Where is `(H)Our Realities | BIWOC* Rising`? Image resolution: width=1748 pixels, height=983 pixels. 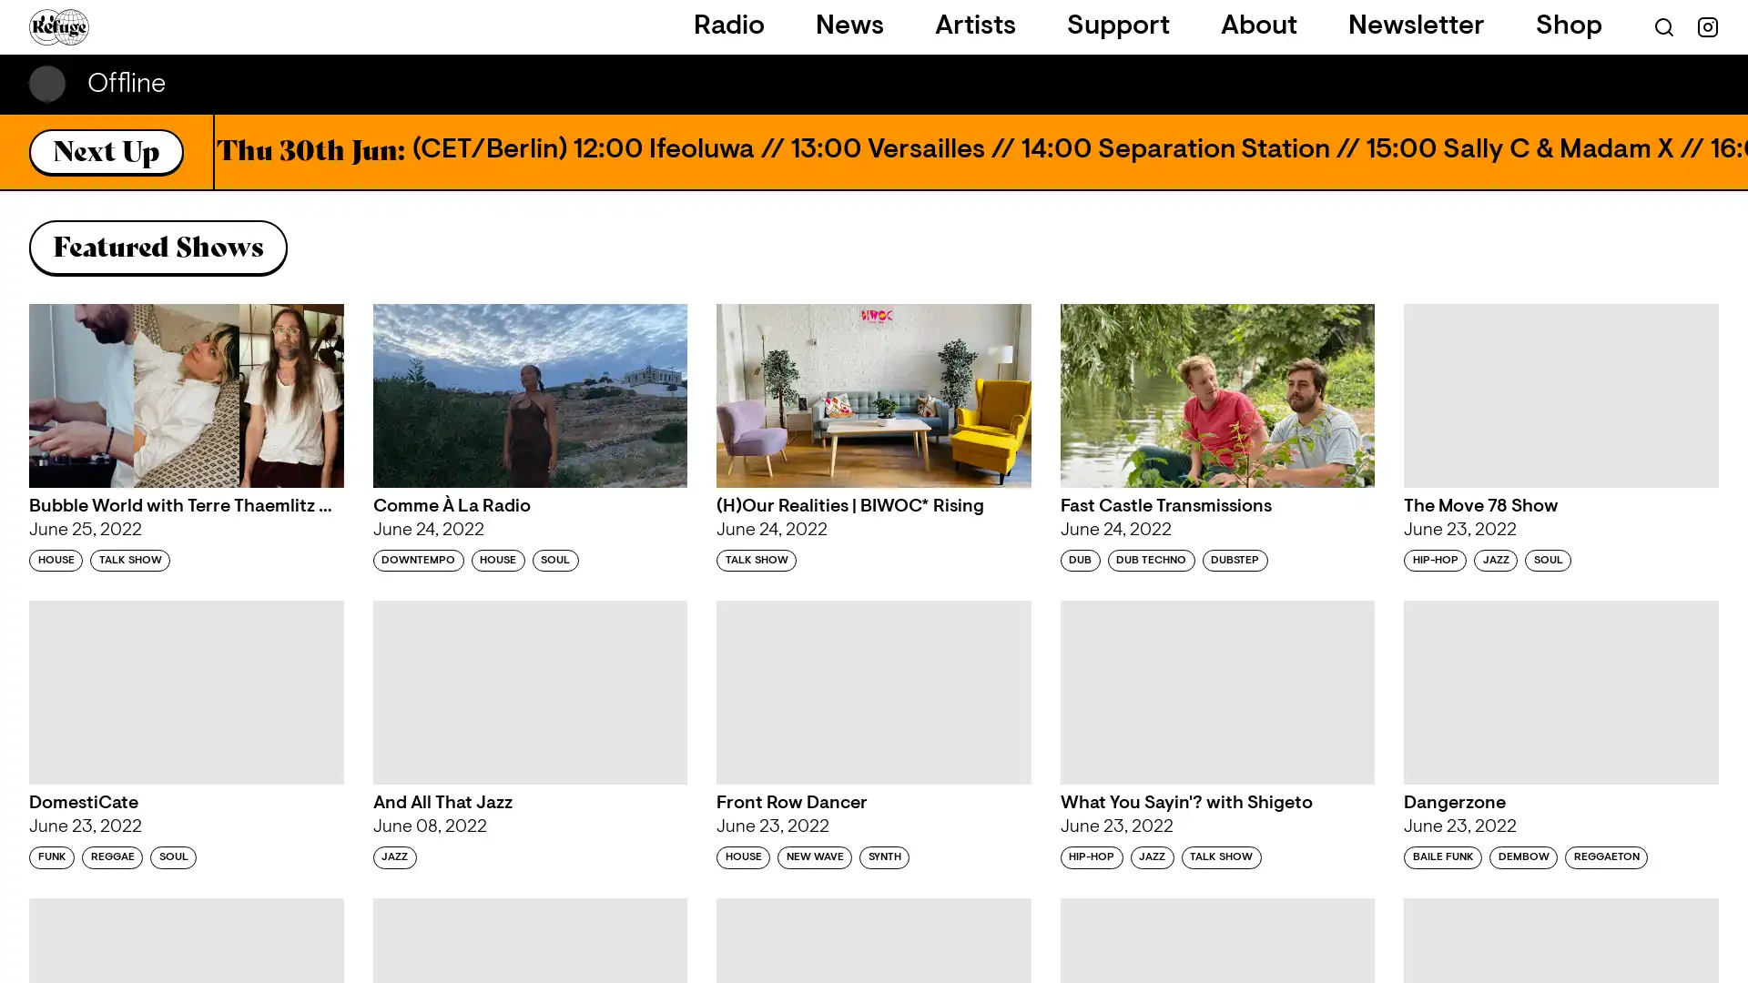
(H)Our Realities | BIWOC* Rising is located at coordinates (872, 395).